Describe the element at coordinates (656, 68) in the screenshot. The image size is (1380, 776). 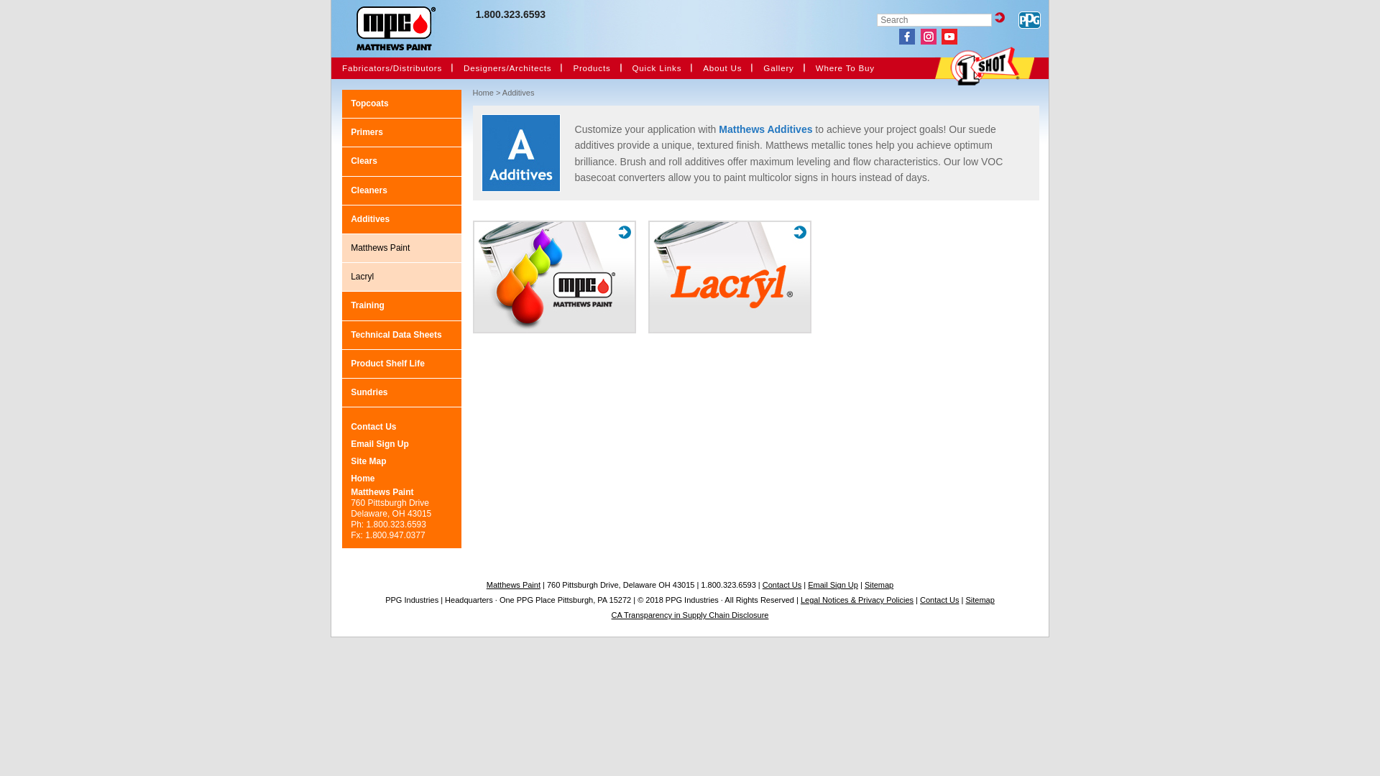
I see `'Quick Links'` at that location.